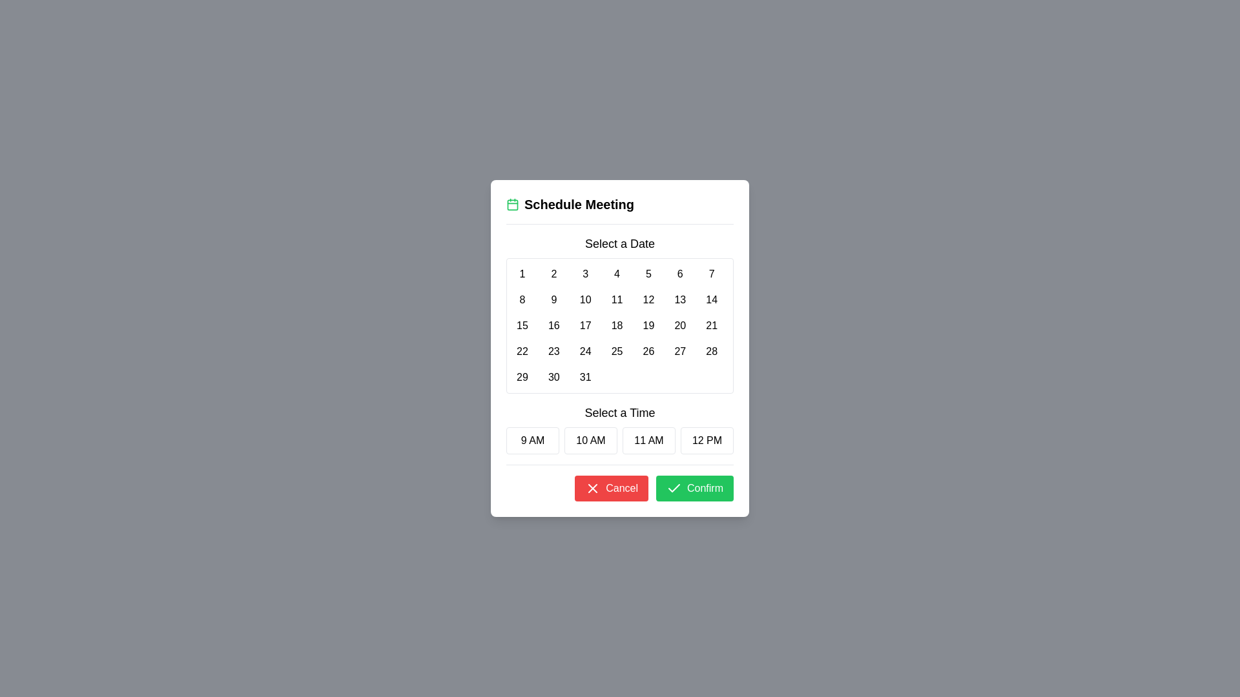 The image size is (1240, 697). Describe the element at coordinates (553, 351) in the screenshot. I see `the selectable date button representing the date '23' in the calendar interface, located in the 5th row and 2nd column of the grid` at that location.